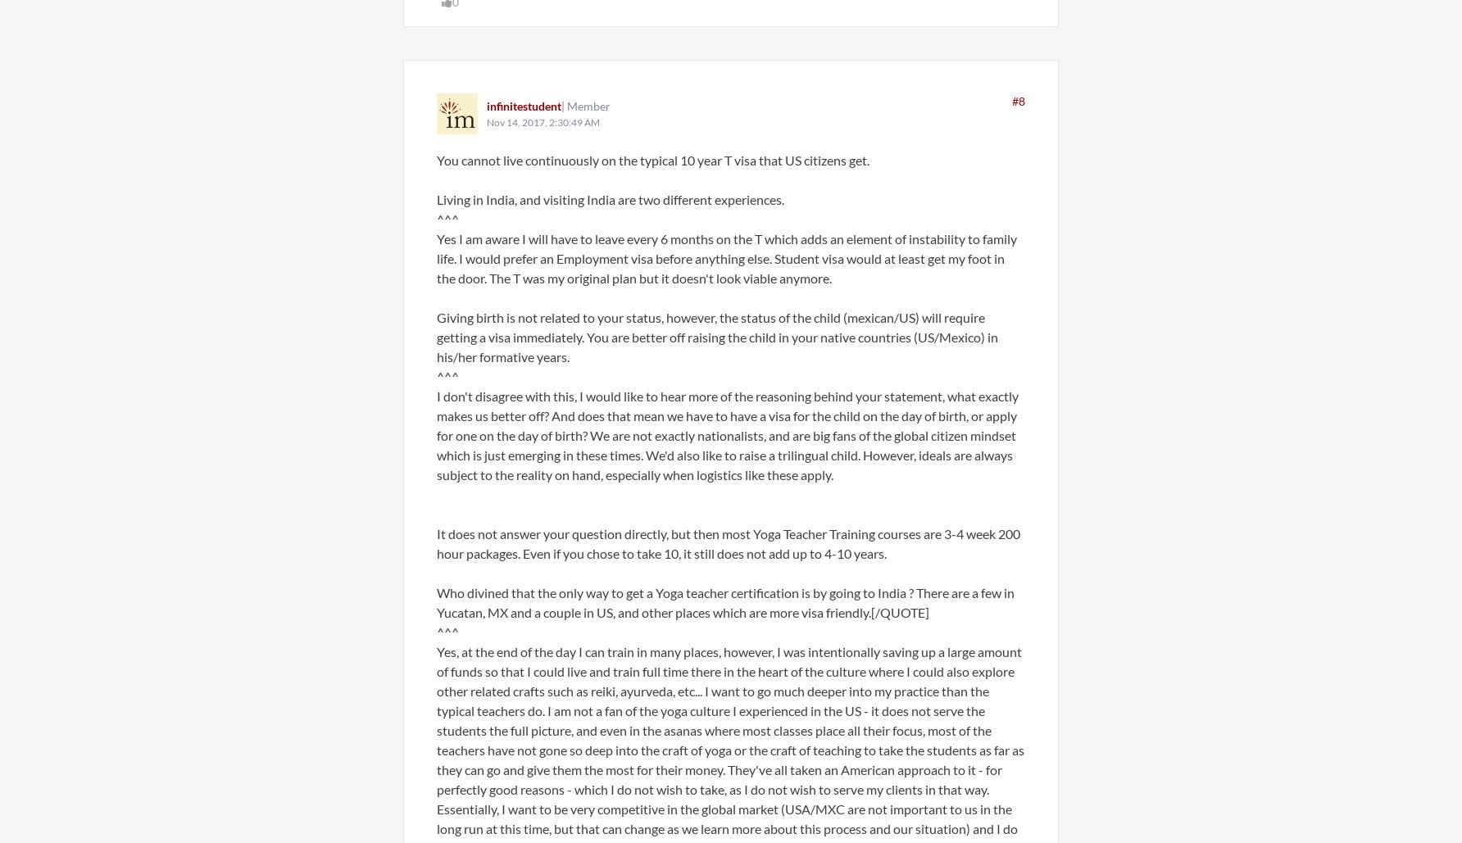 This screenshot has width=1462, height=843. What do you see at coordinates (726, 258) in the screenshot?
I see `'Yes I am aware I will have to leave every 6 months on the T which adds an element of instability to family life. I would prefer an Employment visa before anything else. Student visa would at least get my foot in the door. The T was my original plan but it doesn't look viable anymore.'` at bounding box center [726, 258].